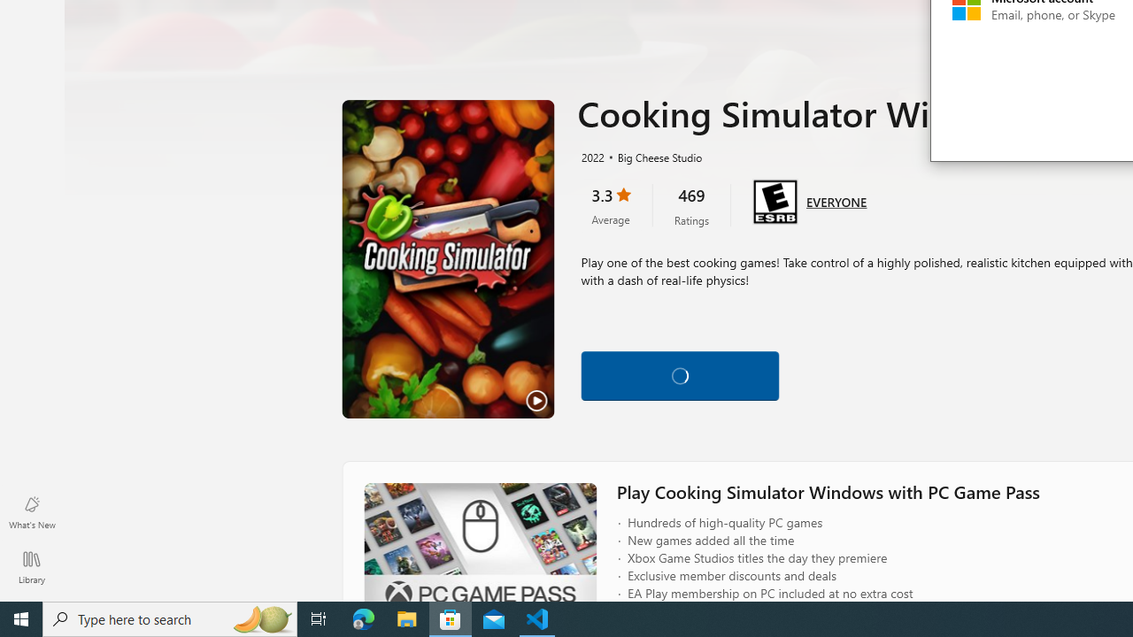 The image size is (1133, 637). What do you see at coordinates (679, 374) in the screenshot?
I see `'AutomationID: Button'` at bounding box center [679, 374].